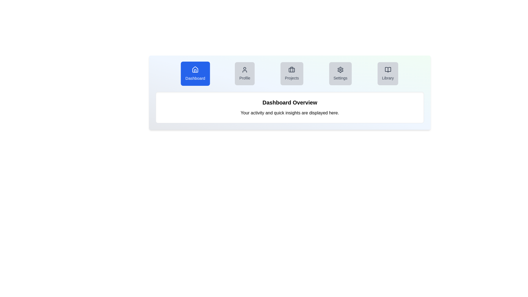  What do you see at coordinates (387, 70) in the screenshot?
I see `the left page of the book icon within the 'Library' navigation button to enhance user recognition` at bounding box center [387, 70].